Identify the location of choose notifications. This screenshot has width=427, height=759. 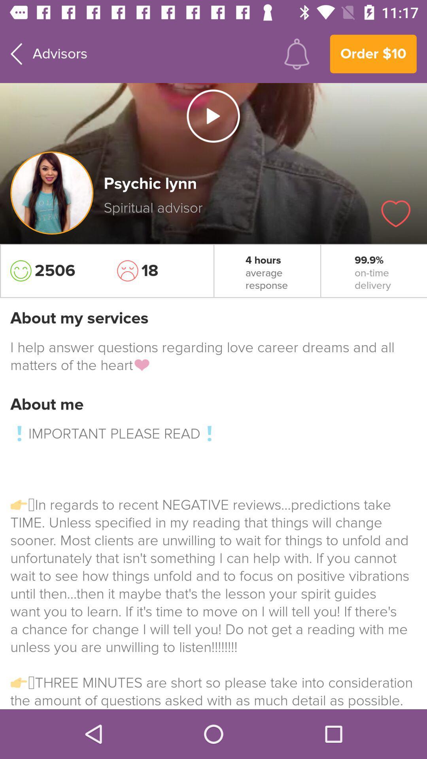
(297, 53).